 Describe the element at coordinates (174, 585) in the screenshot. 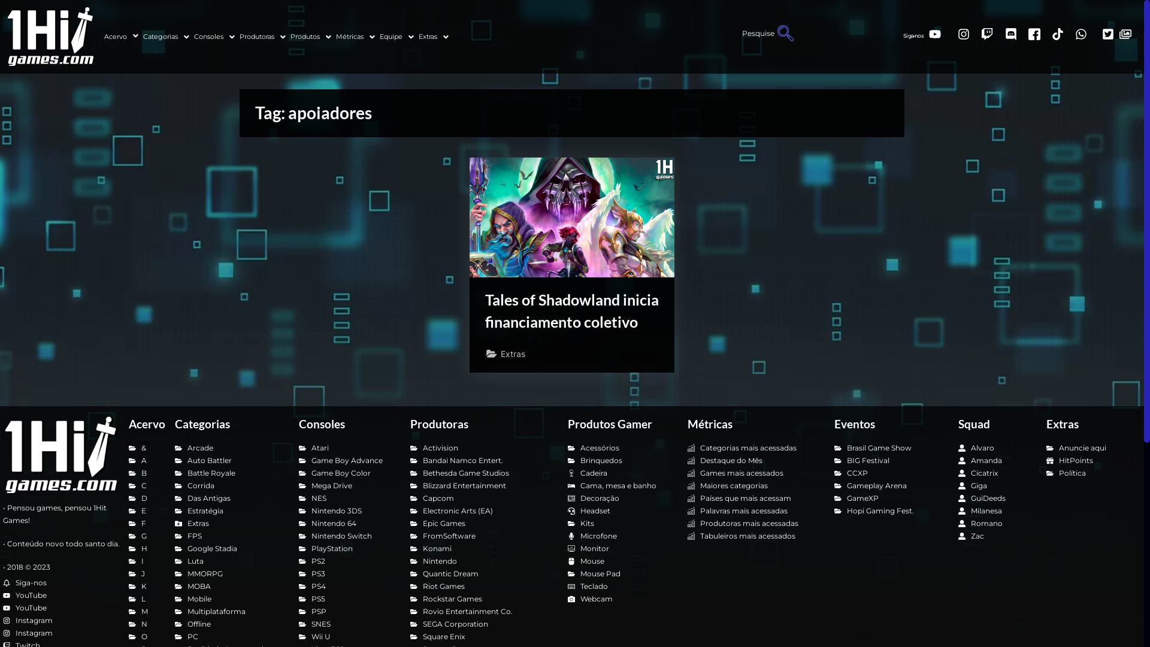

I see `'MOBA'` at that location.